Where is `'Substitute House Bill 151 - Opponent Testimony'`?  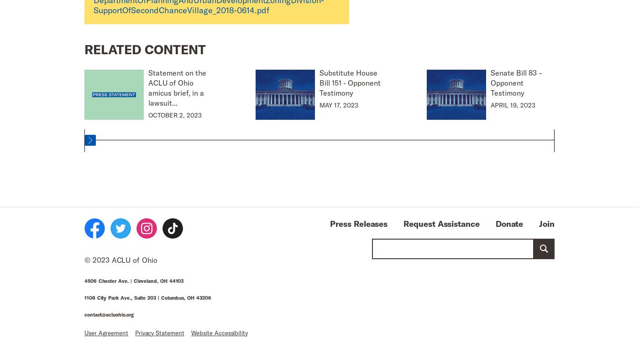 'Substitute House Bill 151 - Opponent Testimony' is located at coordinates (350, 82).